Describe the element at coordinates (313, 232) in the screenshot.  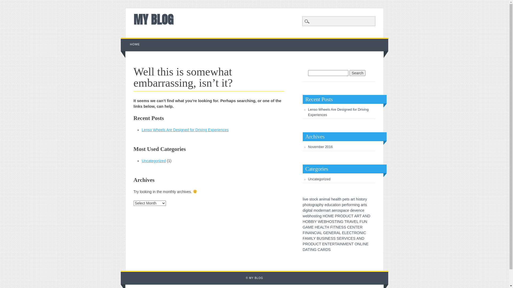
I see `'N'` at that location.